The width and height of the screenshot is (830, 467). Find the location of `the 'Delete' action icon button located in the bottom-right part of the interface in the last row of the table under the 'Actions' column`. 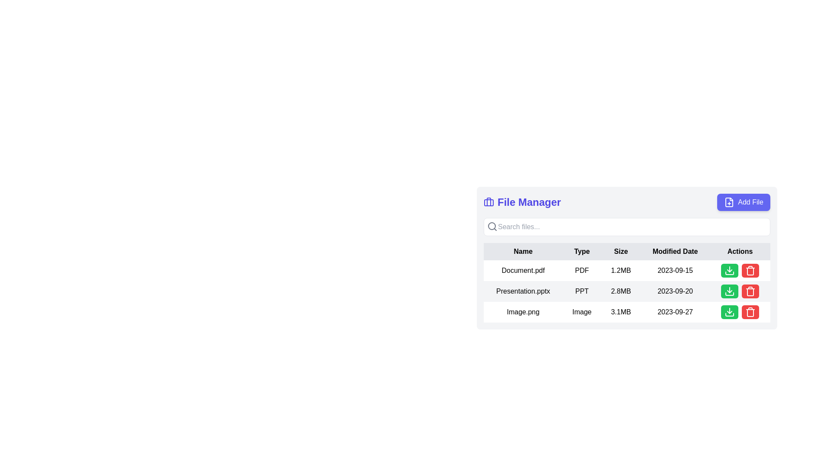

the 'Delete' action icon button located in the bottom-right part of the interface in the last row of the table under the 'Actions' column is located at coordinates (750, 270).